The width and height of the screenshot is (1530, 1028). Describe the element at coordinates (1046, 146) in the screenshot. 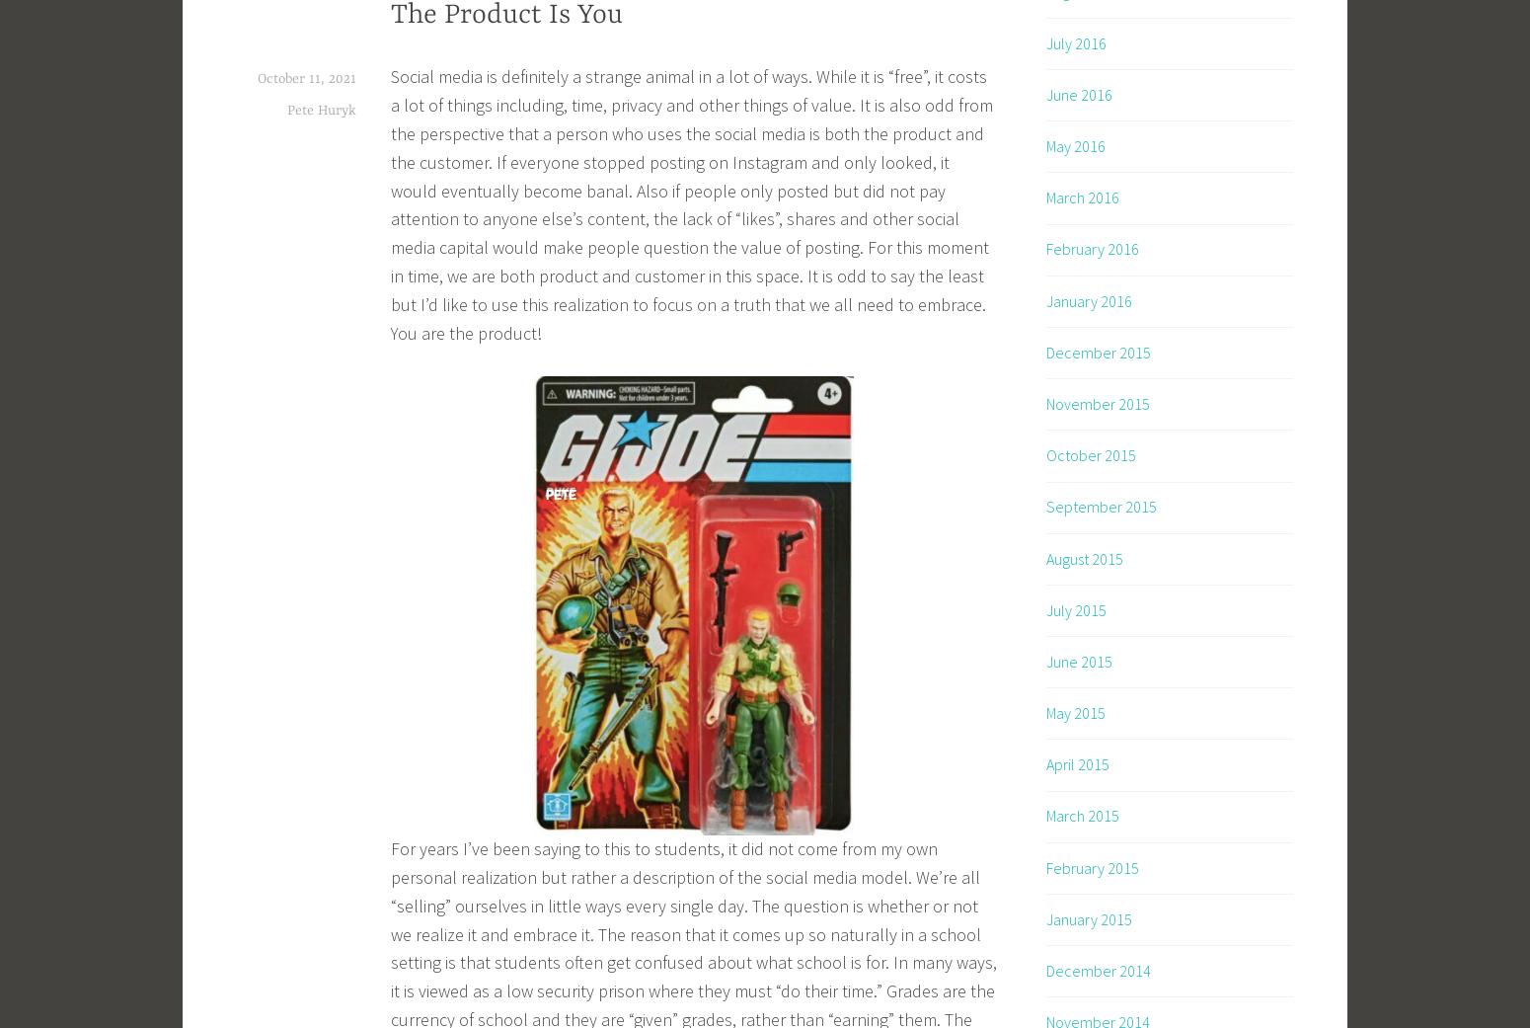

I see `'May 2016'` at that location.